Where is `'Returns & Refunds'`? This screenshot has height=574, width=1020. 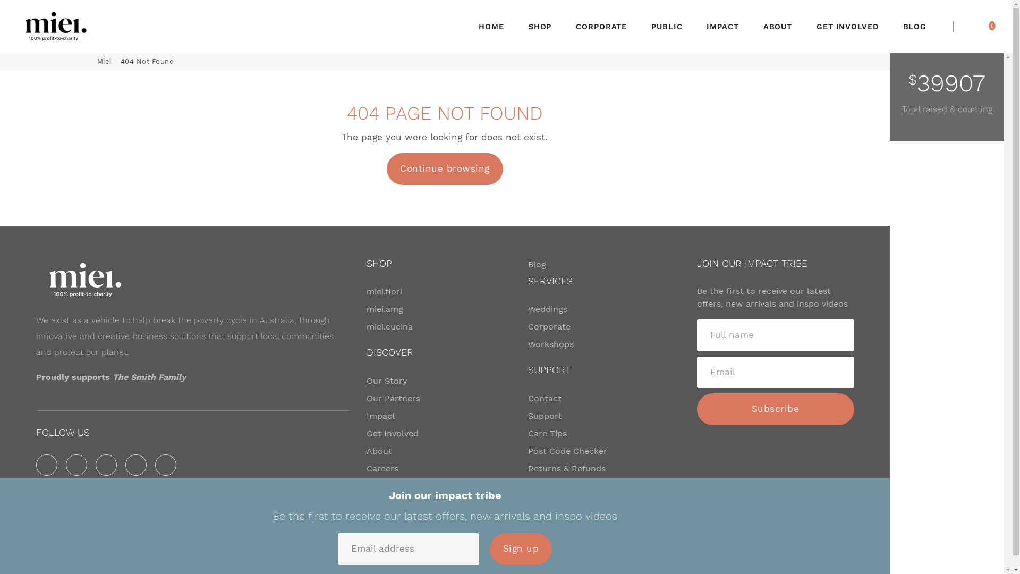 'Returns & Refunds' is located at coordinates (566, 468).